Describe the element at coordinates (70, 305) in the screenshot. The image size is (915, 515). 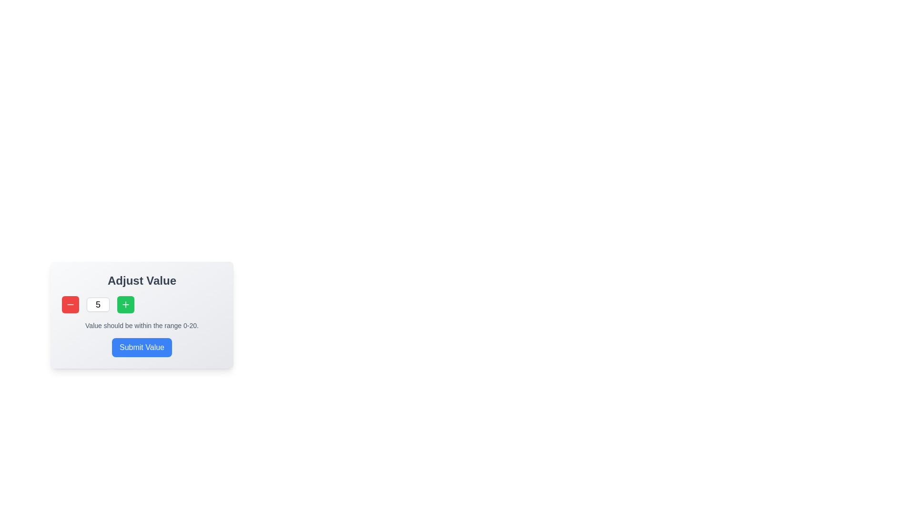
I see `the decrement button located at the far left side of the horizontal row` at that location.